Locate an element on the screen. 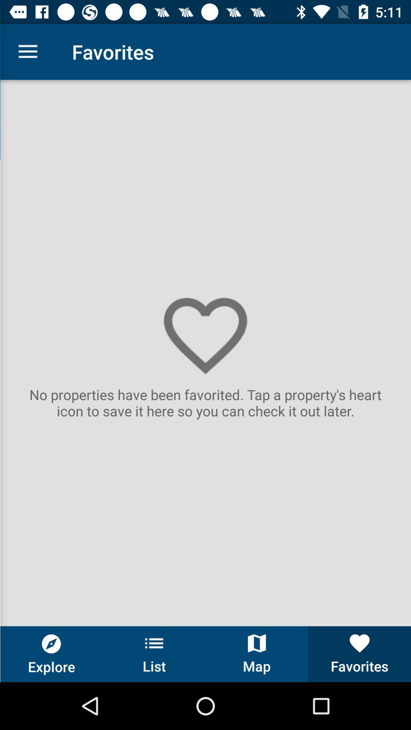  the item to the left of the favorites is located at coordinates (27, 51).